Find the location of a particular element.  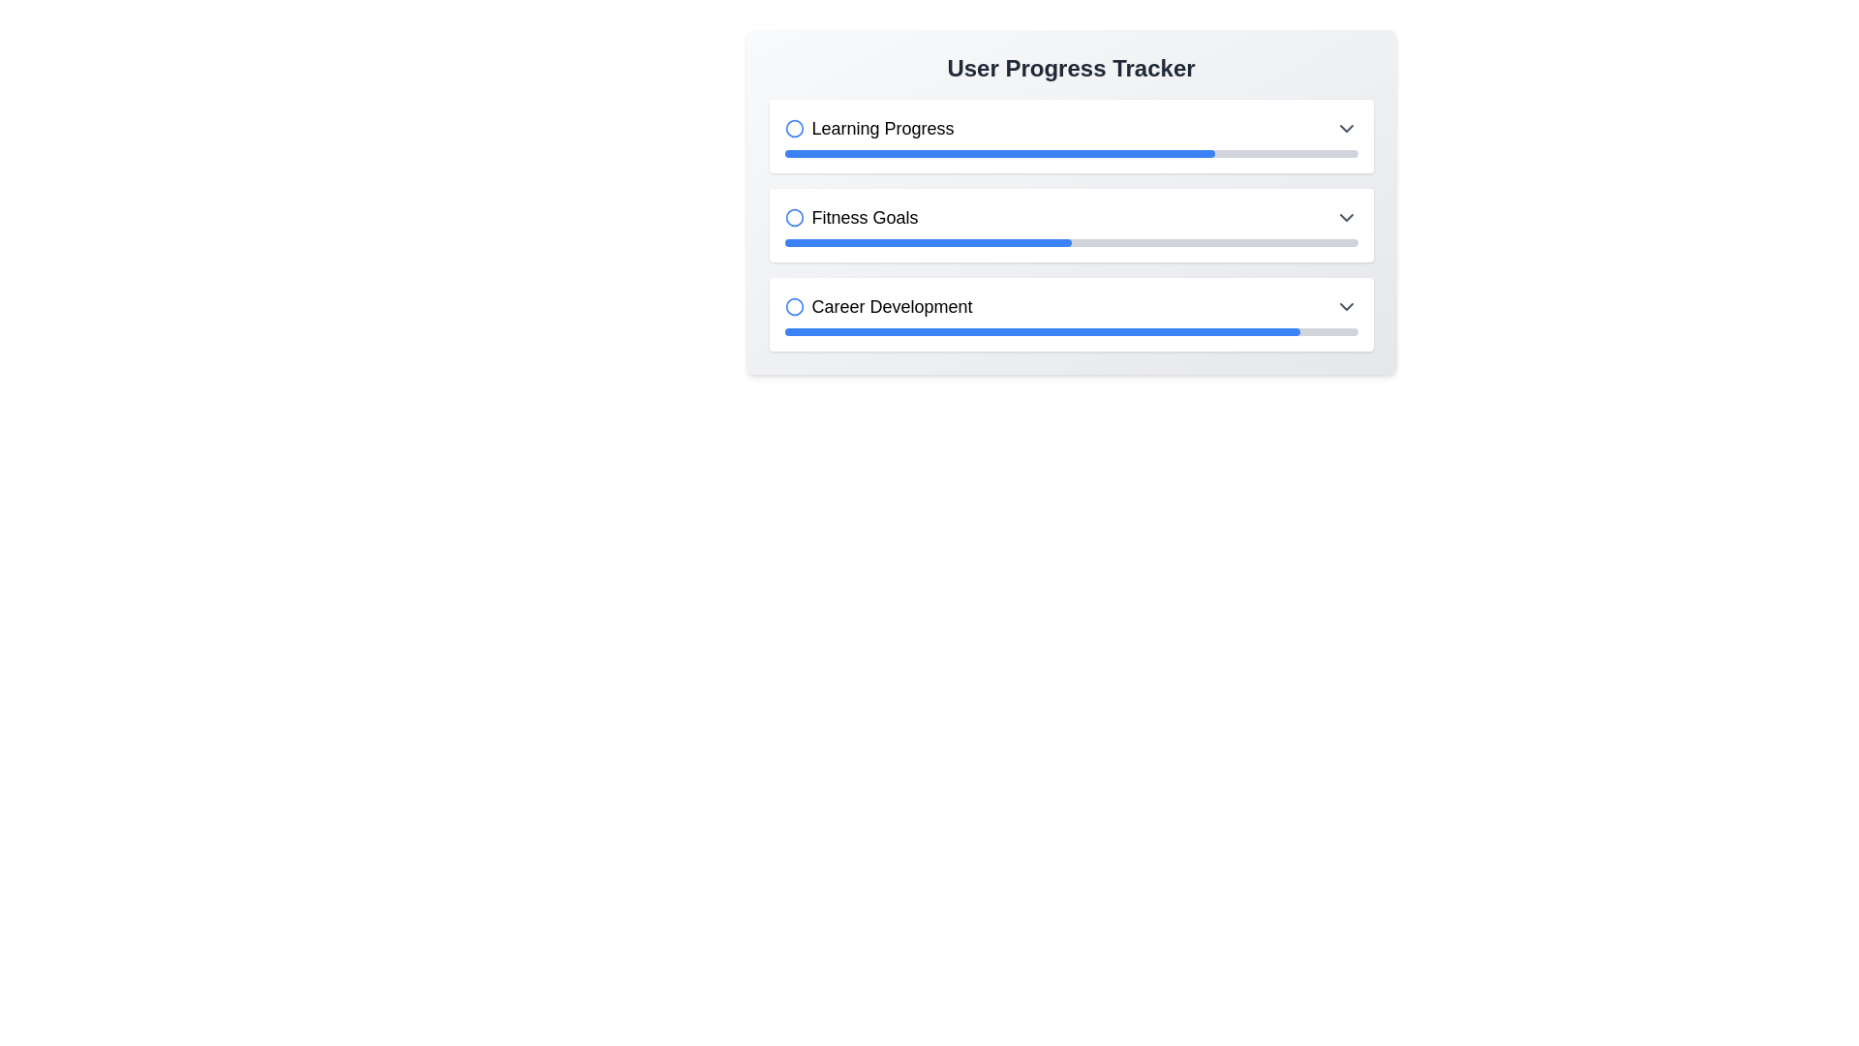

the blue progress bar located in the third progress bar section under the 'Career Development' label in the 'User Progress Tracker' interface is located at coordinates (1041, 331).